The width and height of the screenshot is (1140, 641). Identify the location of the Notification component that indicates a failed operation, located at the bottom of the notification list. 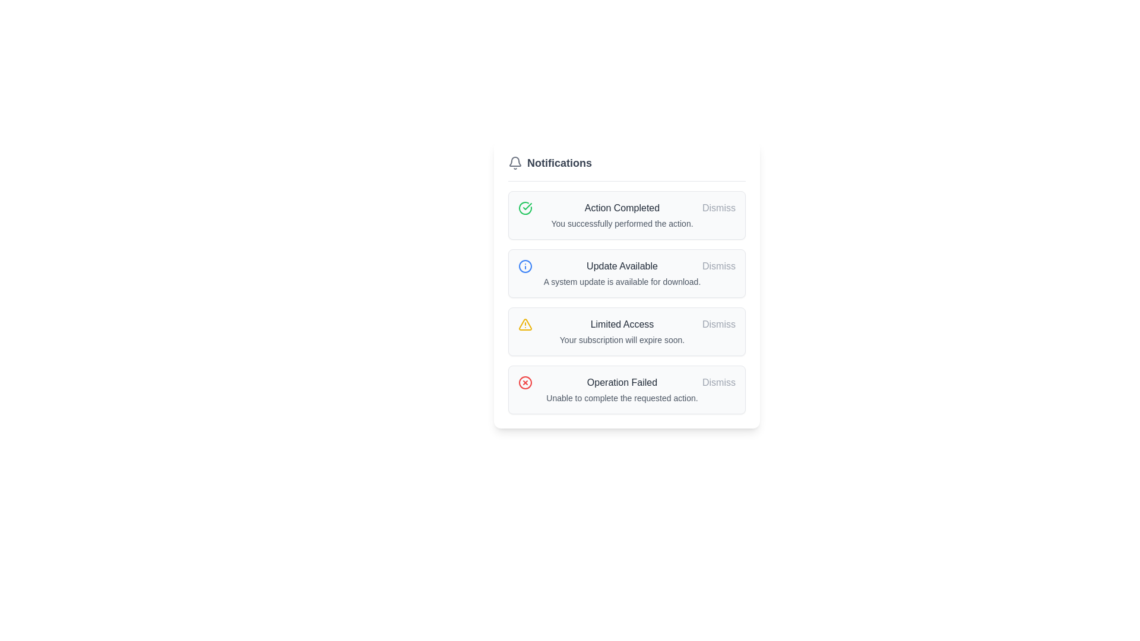
(626, 389).